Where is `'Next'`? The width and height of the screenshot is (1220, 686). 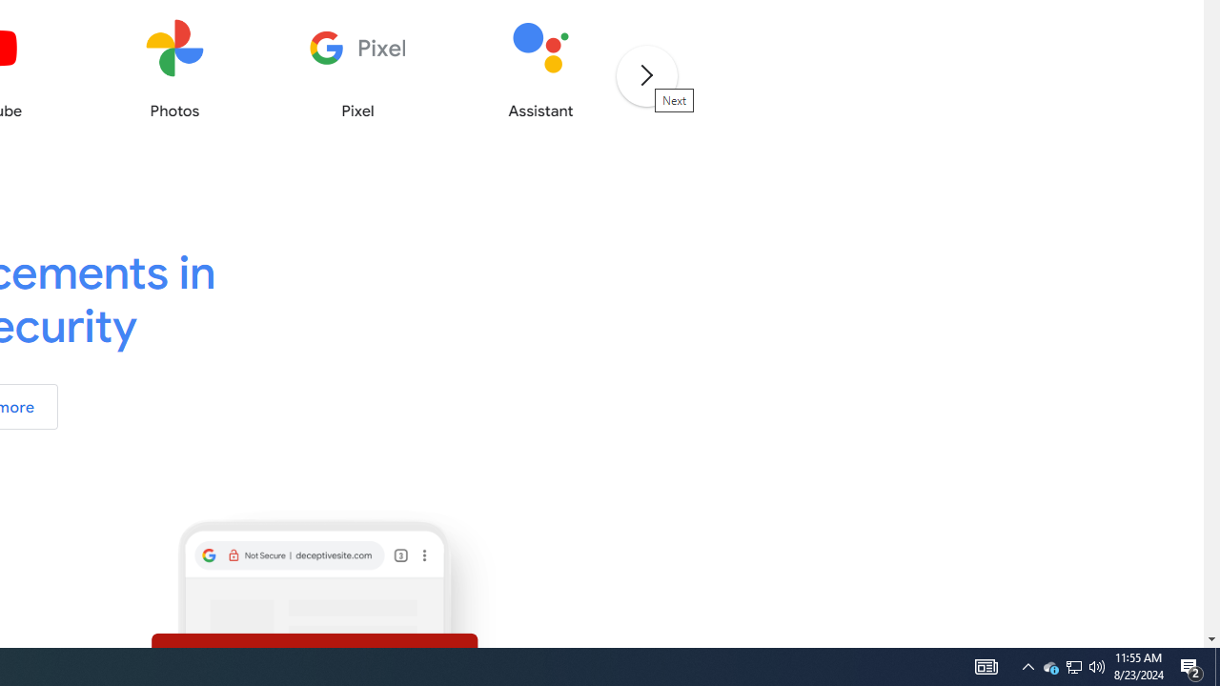
'Next' is located at coordinates (645, 73).